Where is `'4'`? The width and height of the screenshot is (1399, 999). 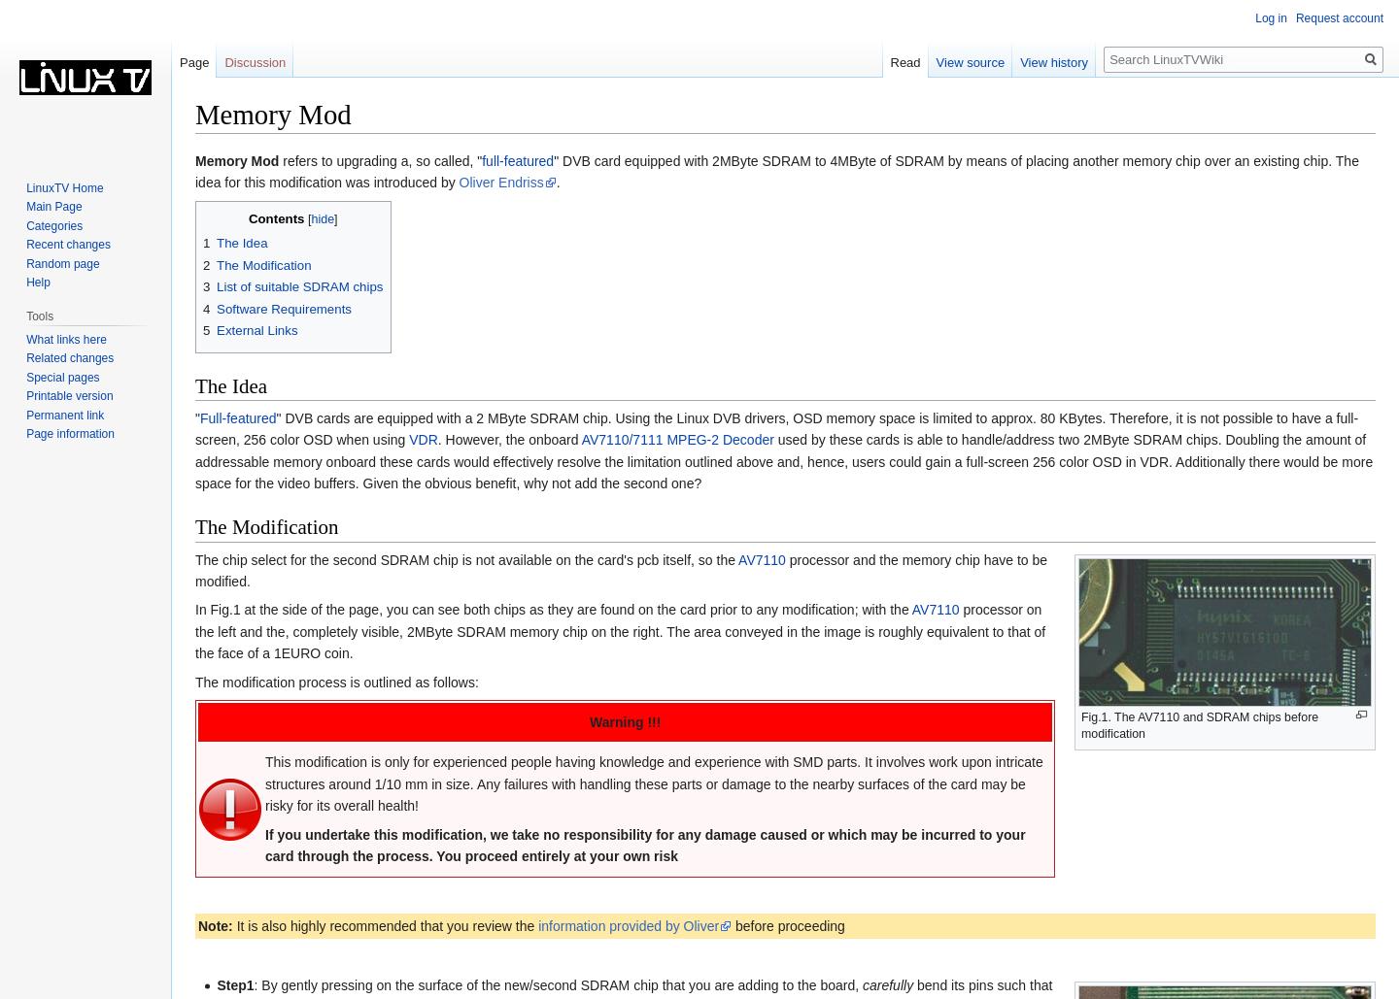
'4' is located at coordinates (206, 308).